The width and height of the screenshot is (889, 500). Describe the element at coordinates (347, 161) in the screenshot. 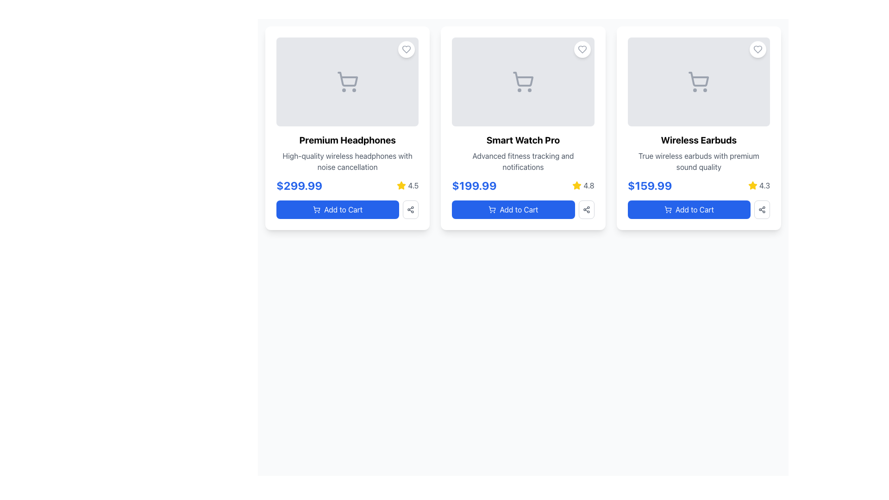

I see `the textual description stating 'High-quality wireless headphones with noise cancellation' located below the heading 'Premium Headphones' within the promotional card` at that location.